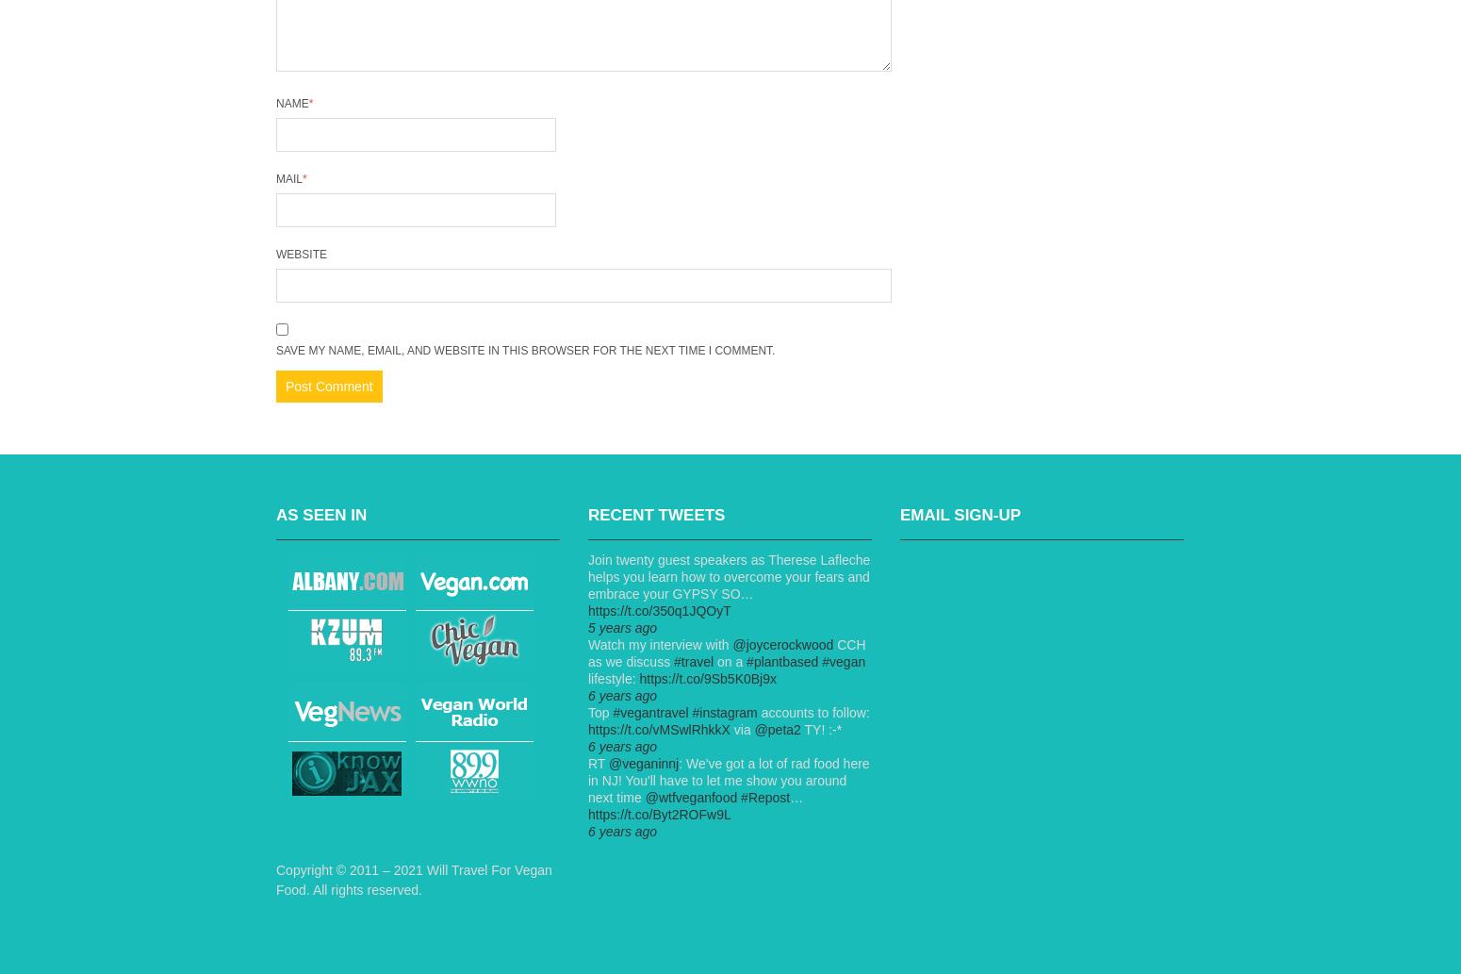  I want to click on 'As Seen In', so click(275, 514).